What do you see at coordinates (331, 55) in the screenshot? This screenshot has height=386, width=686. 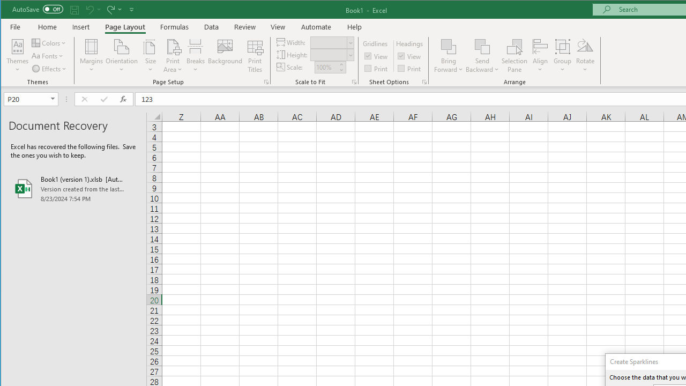 I see `'Height'` at bounding box center [331, 55].